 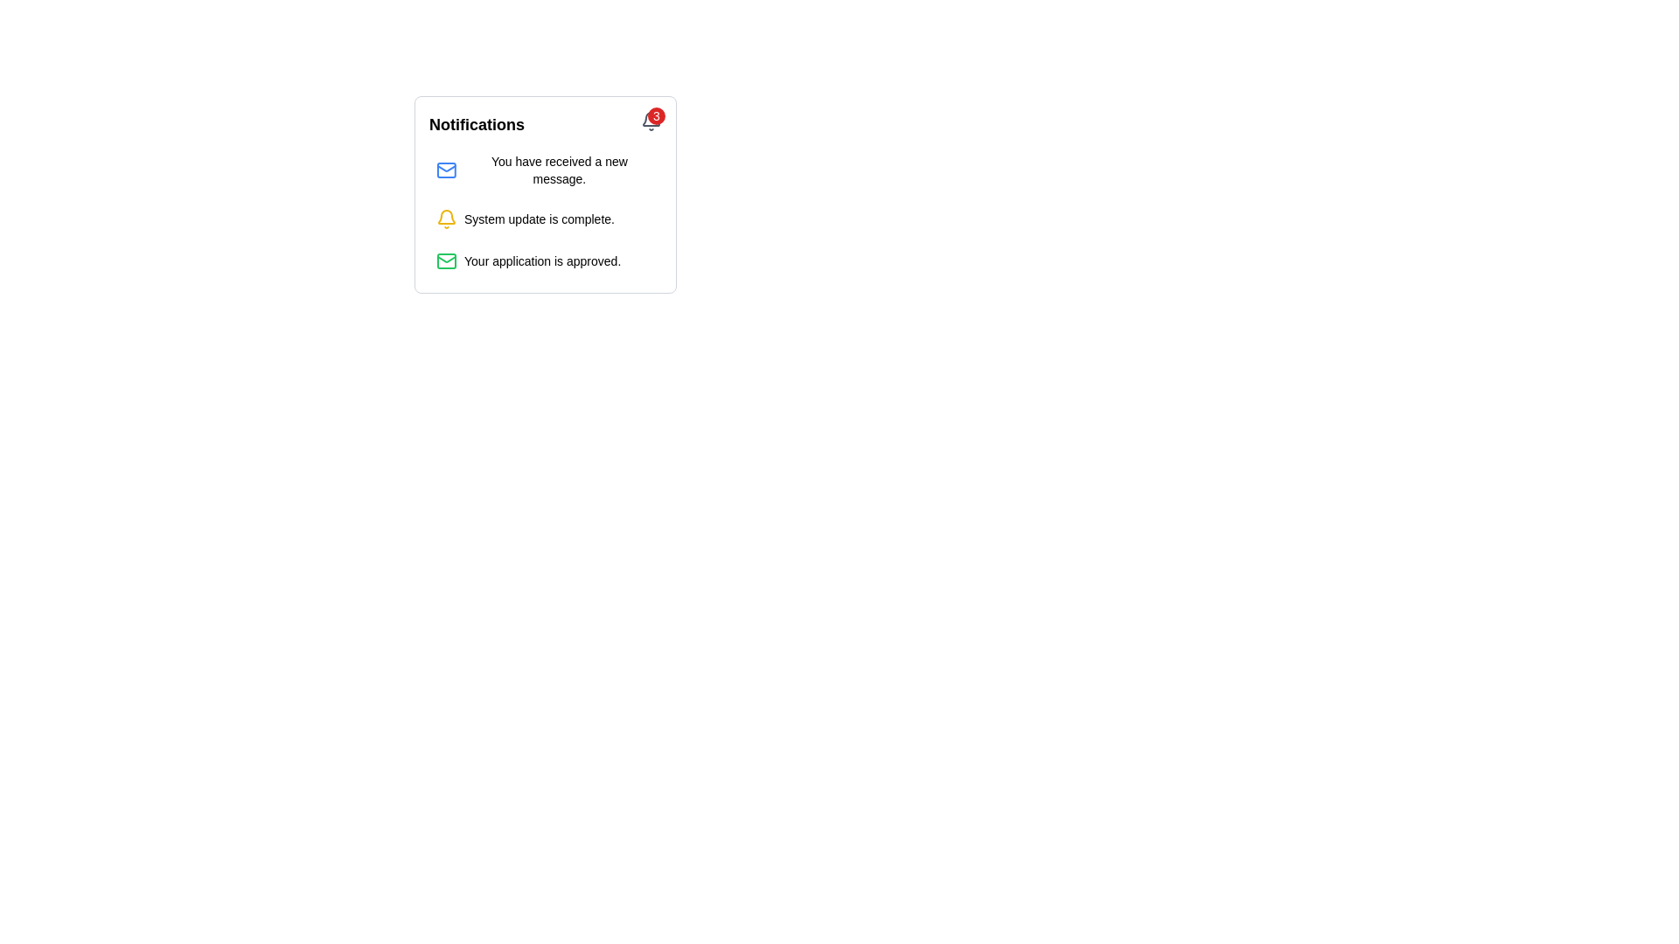 What do you see at coordinates (545, 218) in the screenshot?
I see `the completed system update notification in the notifications list, which is the second entry between the new message and application approval notifications` at bounding box center [545, 218].